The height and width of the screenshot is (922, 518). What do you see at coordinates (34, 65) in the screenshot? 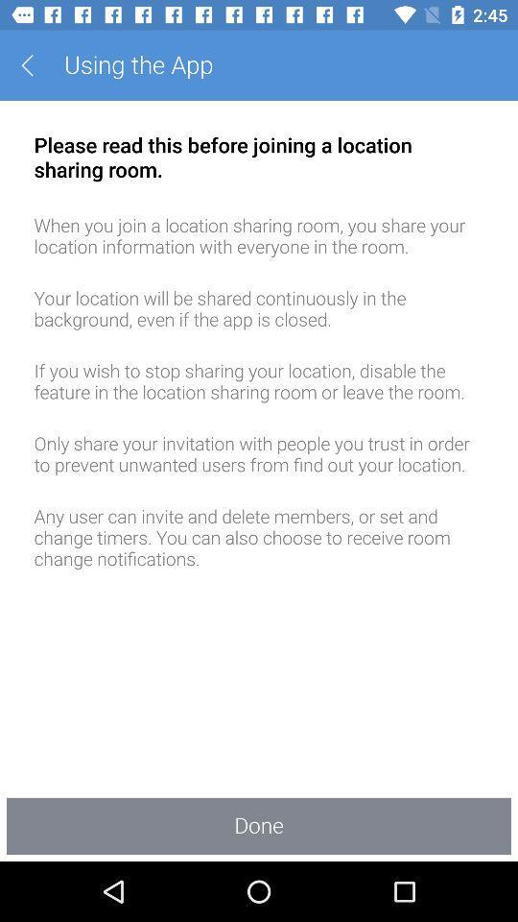
I see `the app next to the using the app` at bounding box center [34, 65].